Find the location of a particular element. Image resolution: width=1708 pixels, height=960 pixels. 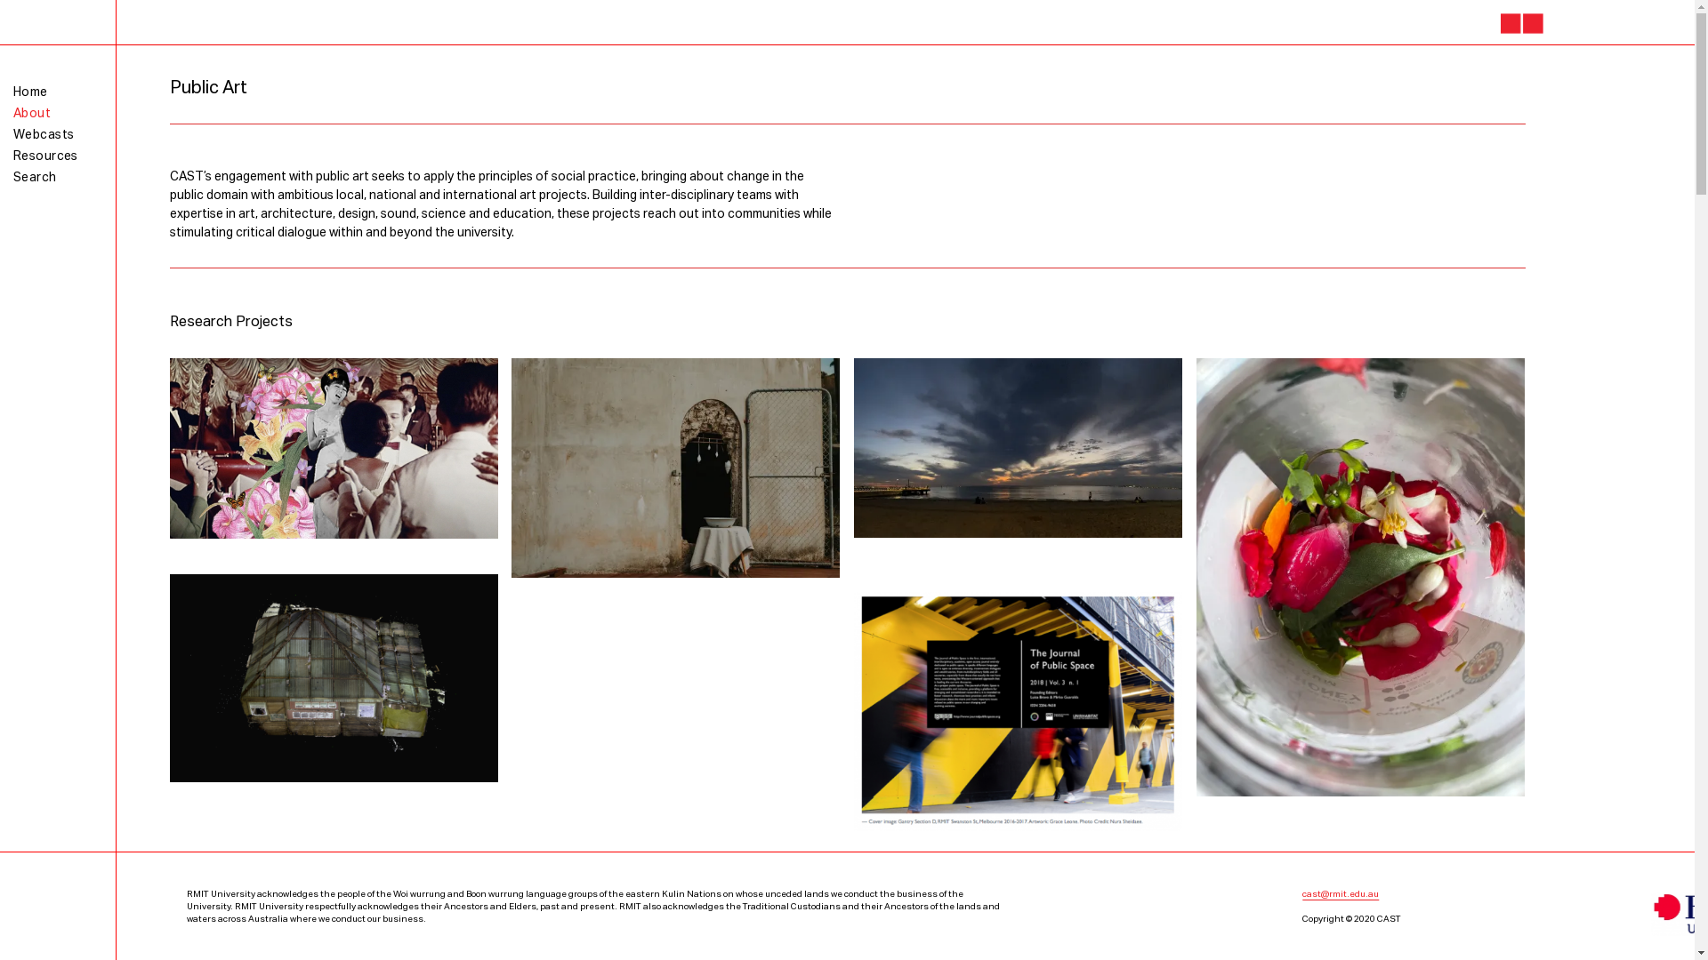

'Home' is located at coordinates (30, 92).